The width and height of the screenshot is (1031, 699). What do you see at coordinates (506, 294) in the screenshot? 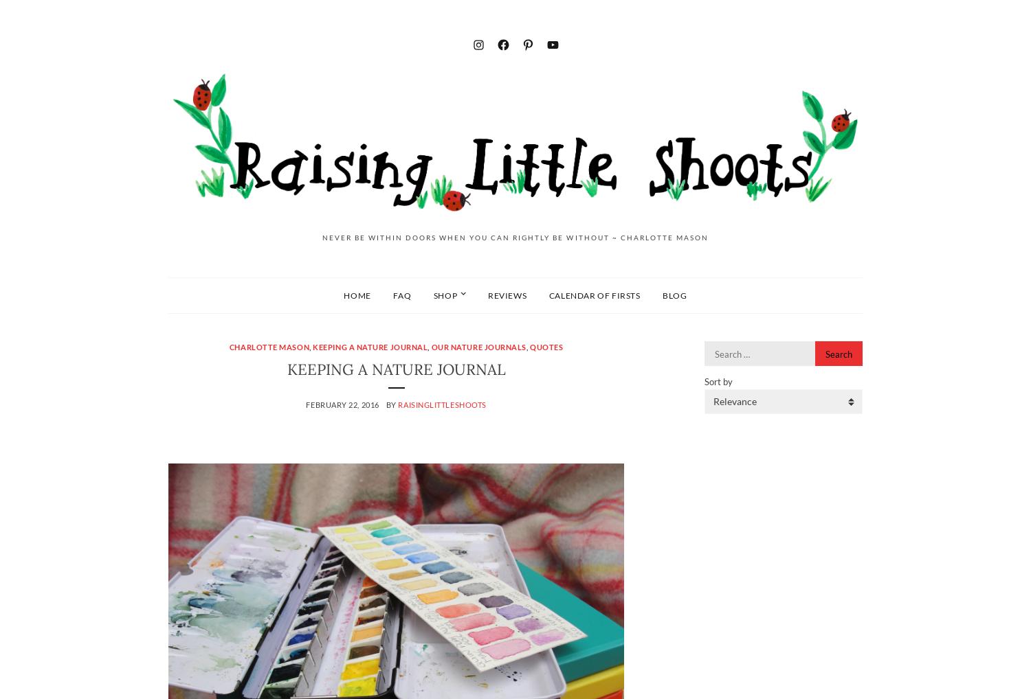
I see `'Reviews'` at bounding box center [506, 294].